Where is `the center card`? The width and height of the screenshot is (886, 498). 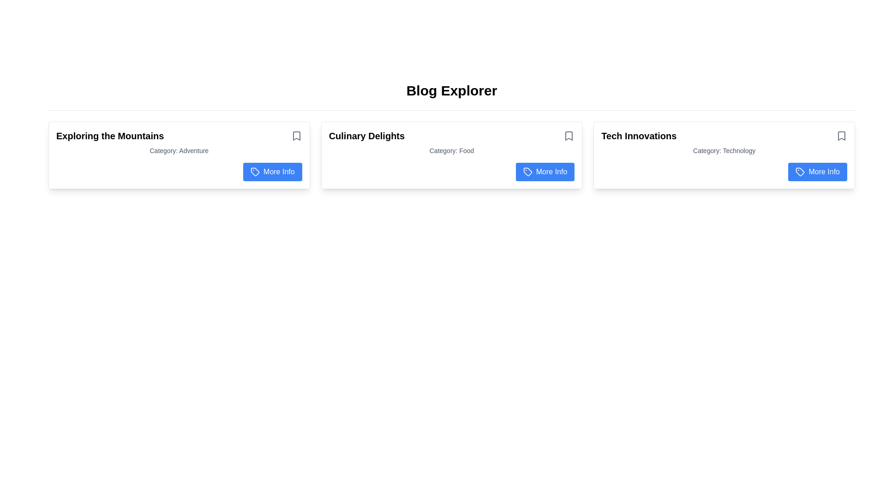
the center card is located at coordinates (451, 154).